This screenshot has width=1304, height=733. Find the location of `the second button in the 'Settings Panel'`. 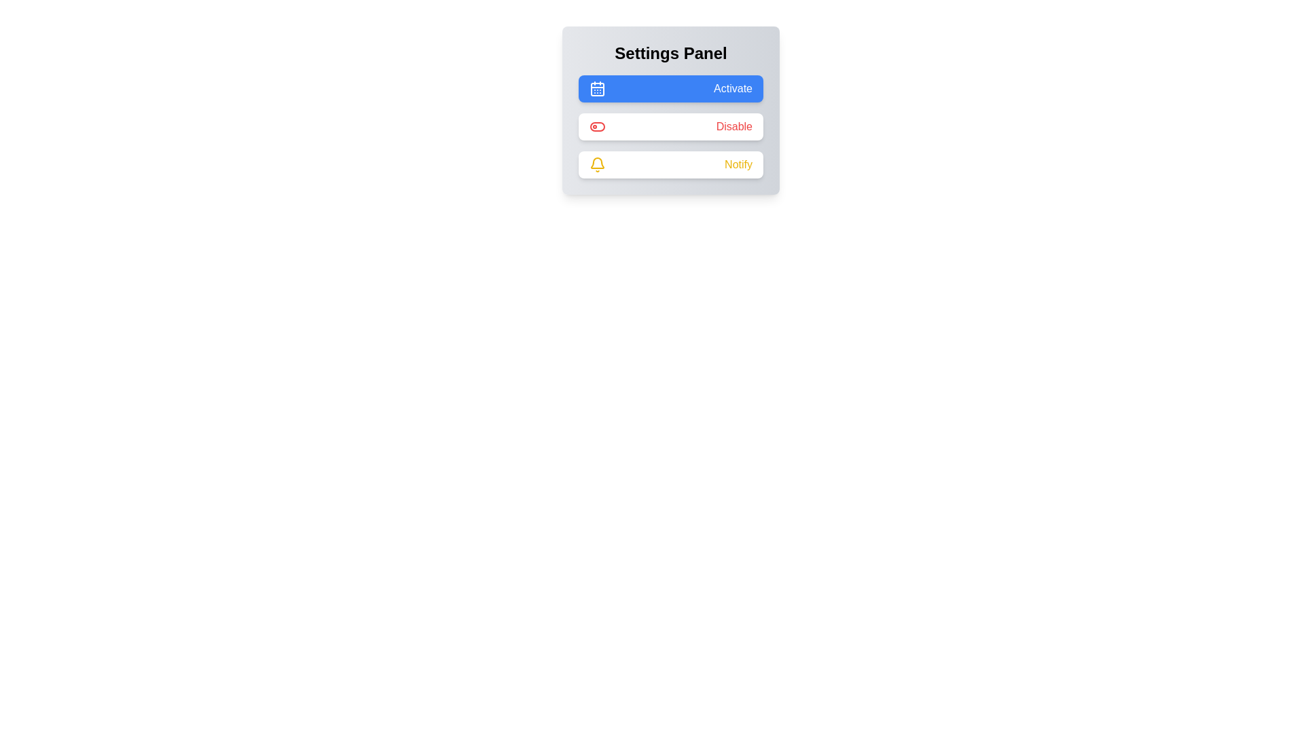

the second button in the 'Settings Panel' is located at coordinates (671, 126).